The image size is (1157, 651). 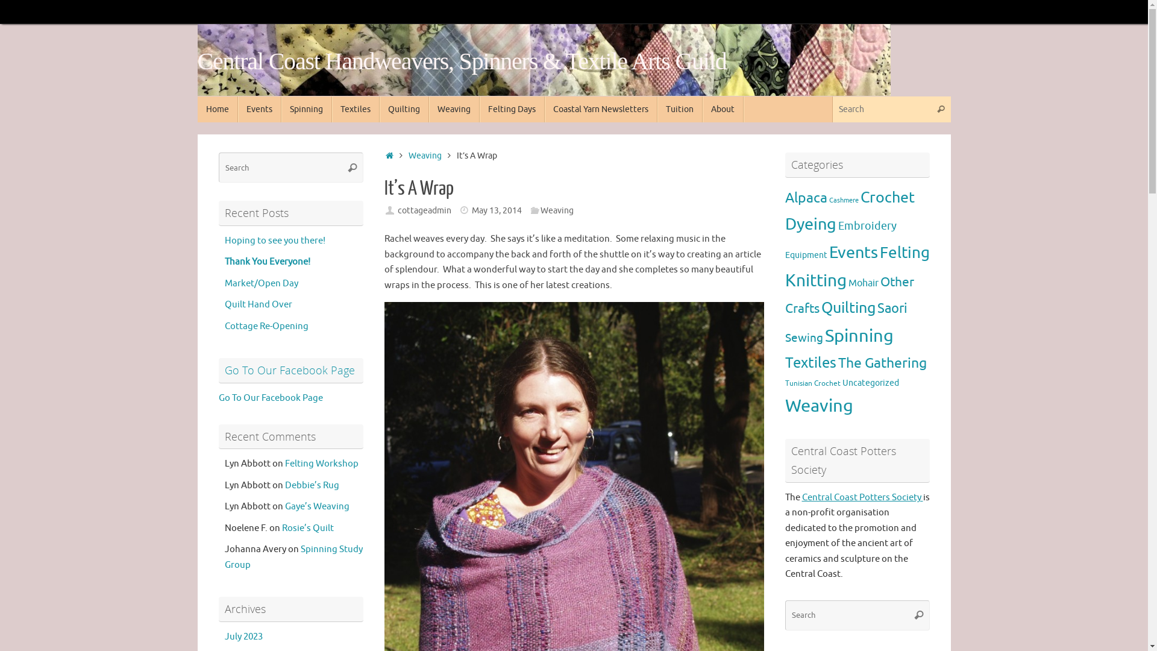 I want to click on 'Alpaca', so click(x=806, y=197).